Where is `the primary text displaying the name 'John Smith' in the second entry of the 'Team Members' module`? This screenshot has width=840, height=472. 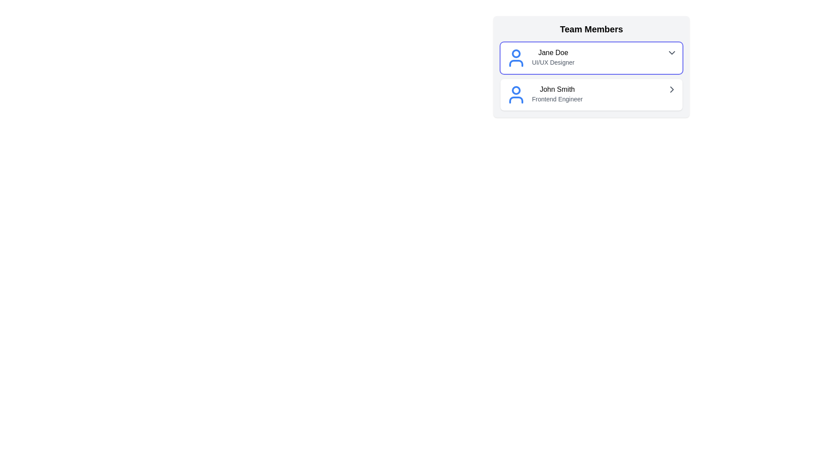 the primary text displaying the name 'John Smith' in the second entry of the 'Team Members' module is located at coordinates (556, 89).